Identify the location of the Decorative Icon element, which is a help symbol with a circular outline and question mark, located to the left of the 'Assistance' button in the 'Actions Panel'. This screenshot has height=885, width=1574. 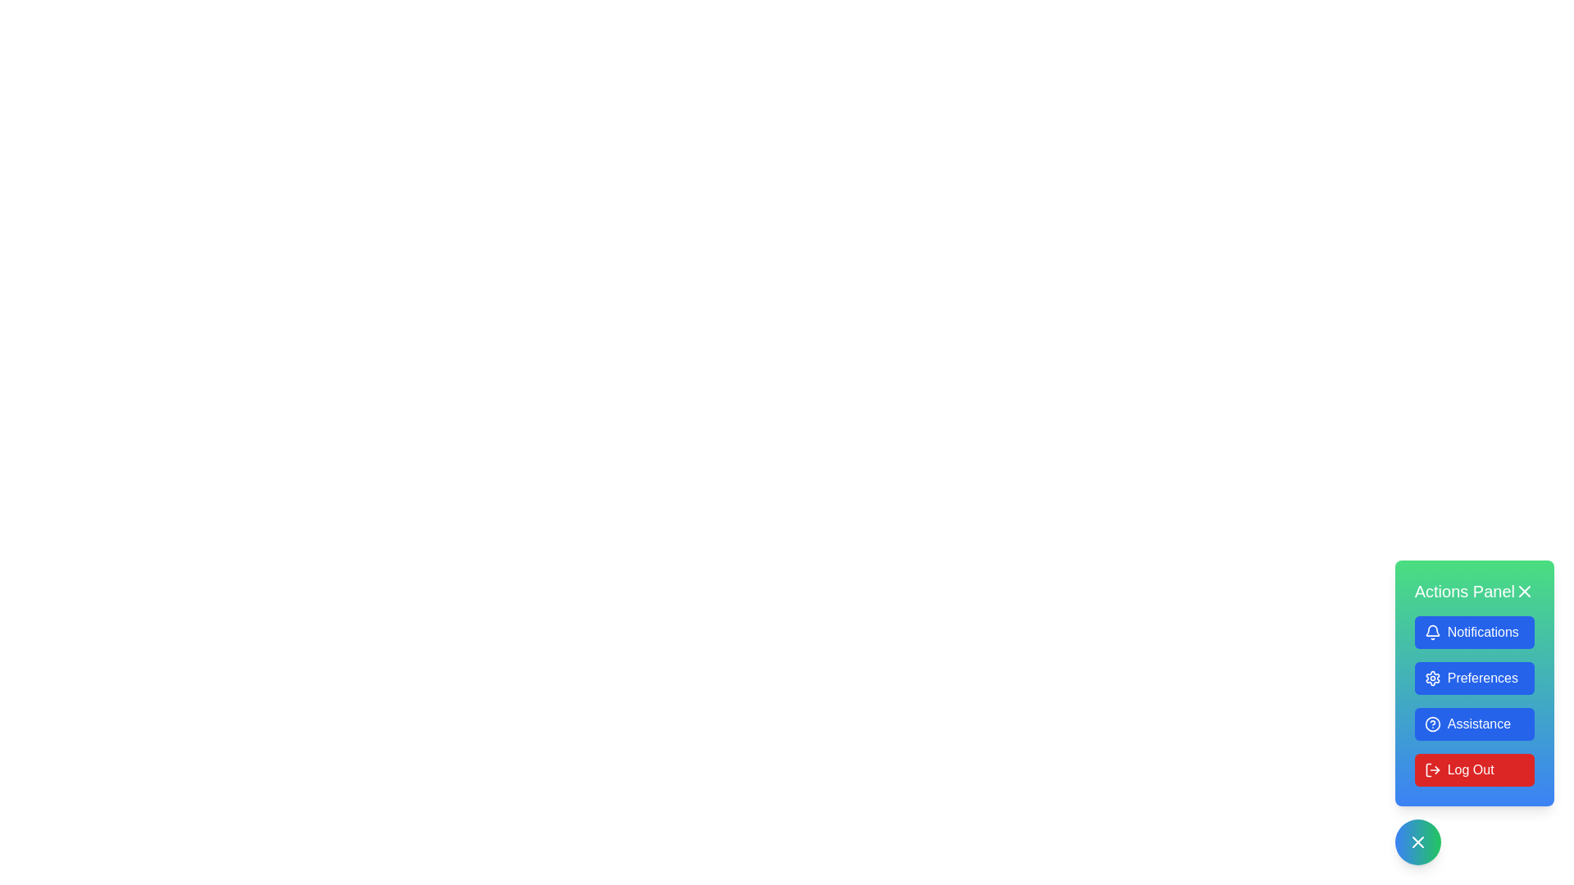
(1431, 723).